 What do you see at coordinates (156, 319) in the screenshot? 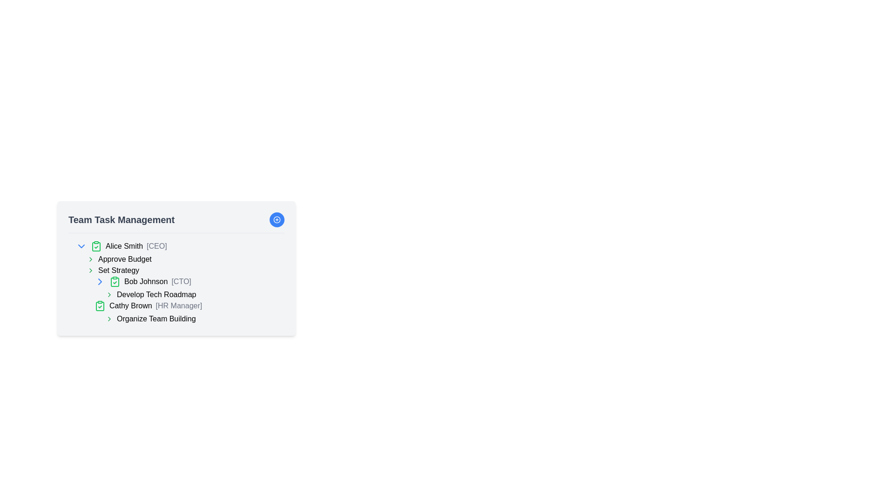
I see `the 'Organize Team Building' text label located beneath the 'Cathy Brown [HR Manager]' label in the 'Team Task Management' section` at bounding box center [156, 319].